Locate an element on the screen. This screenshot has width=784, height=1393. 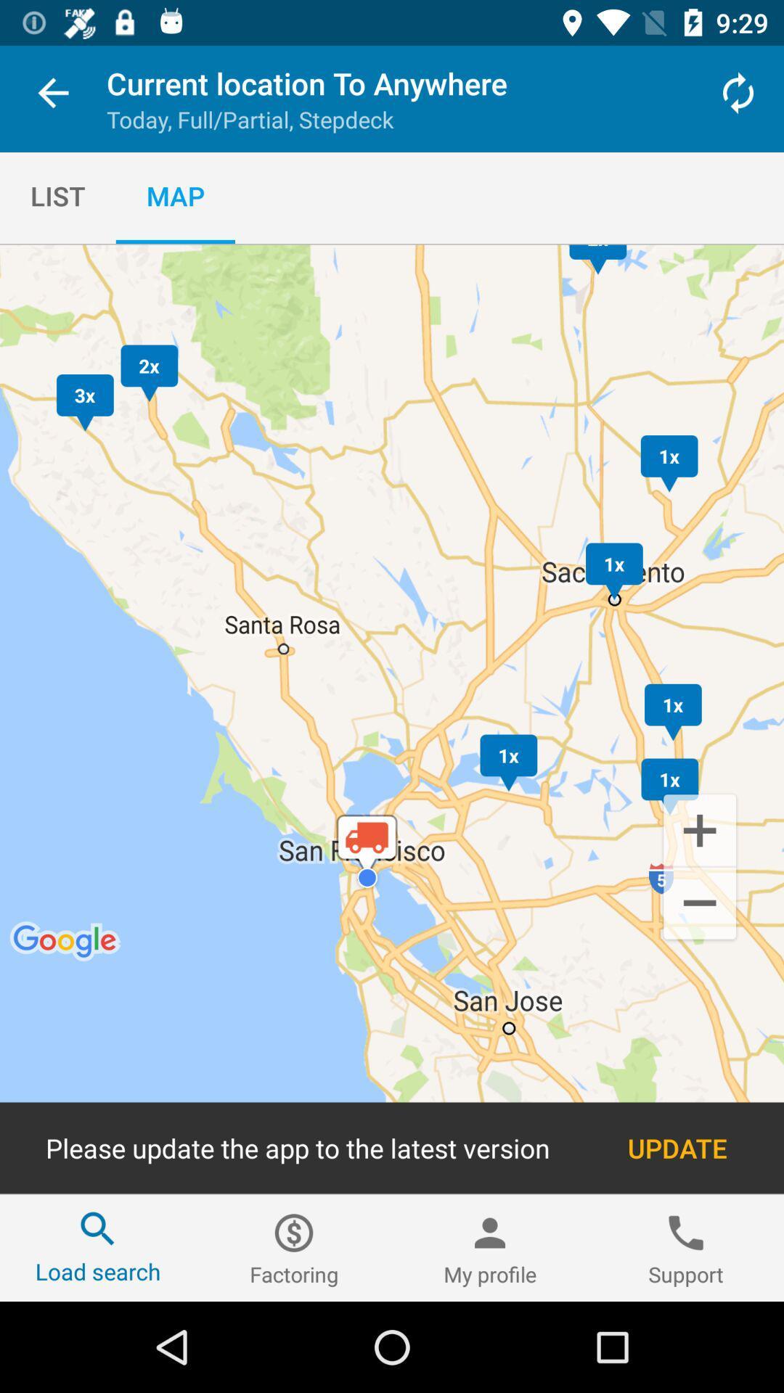
the item next to the current location to icon is located at coordinates (52, 95).